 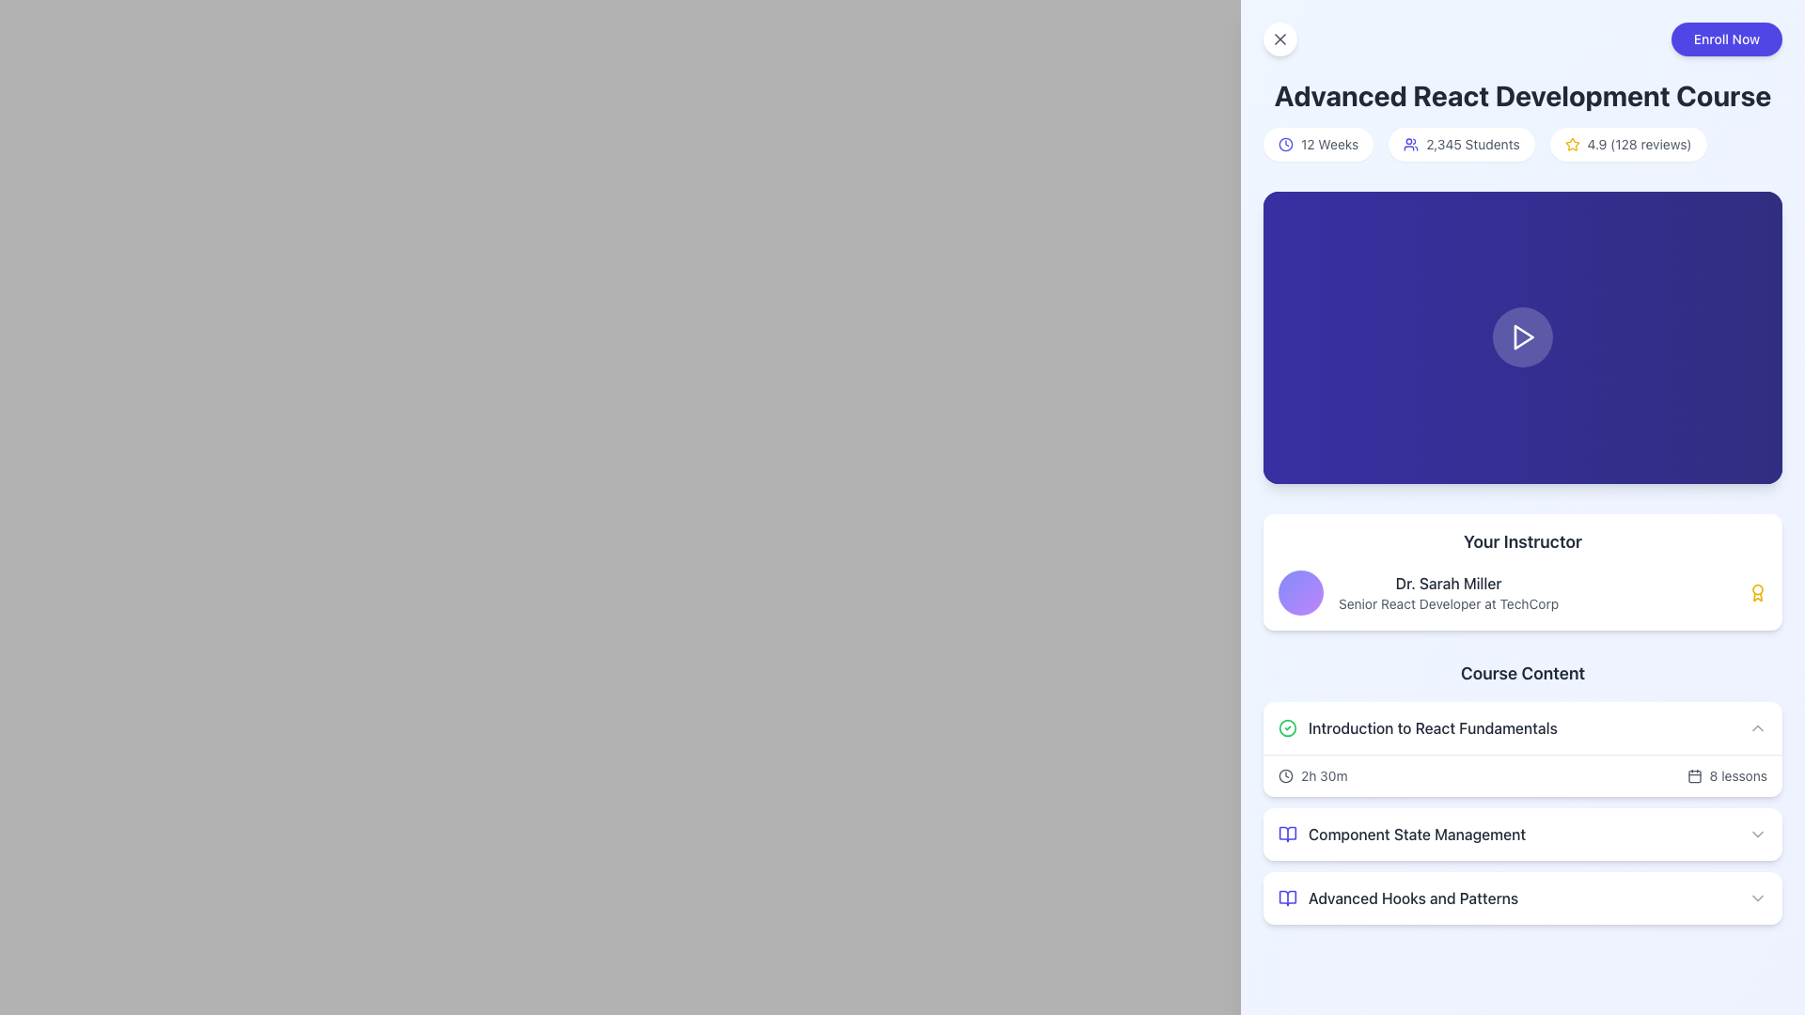 What do you see at coordinates (1523, 726) in the screenshot?
I see `the Collapsible Section Header labeled 'Introduction to React Fundamentals'` at bounding box center [1523, 726].